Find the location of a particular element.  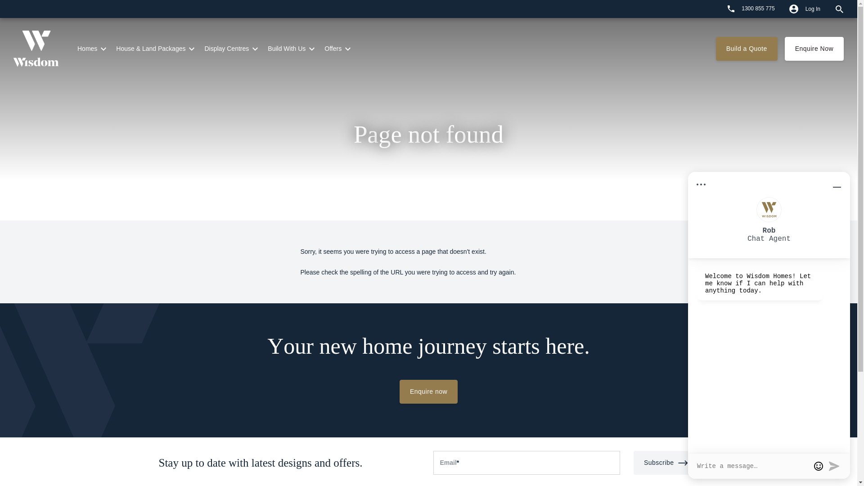

'Display Centres' is located at coordinates (226, 49).